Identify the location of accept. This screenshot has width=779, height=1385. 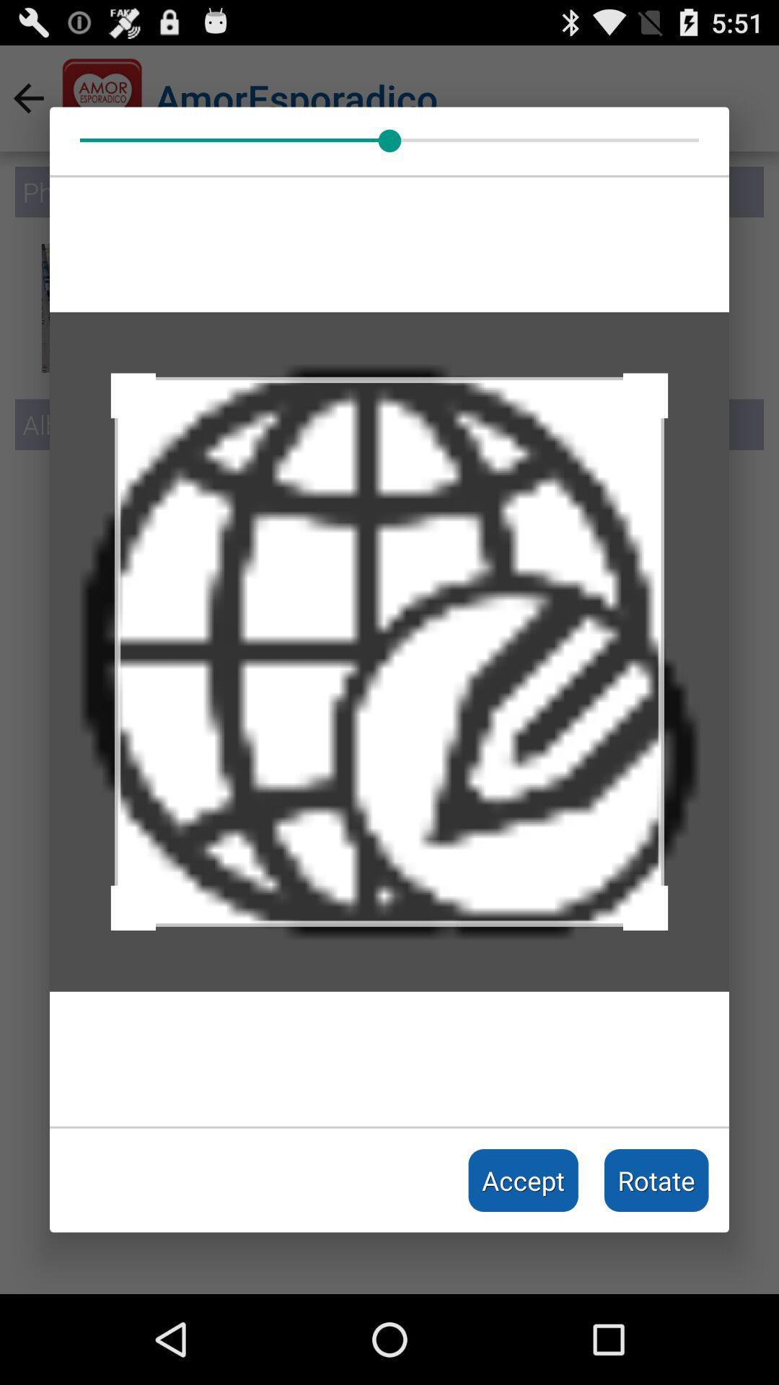
(523, 1180).